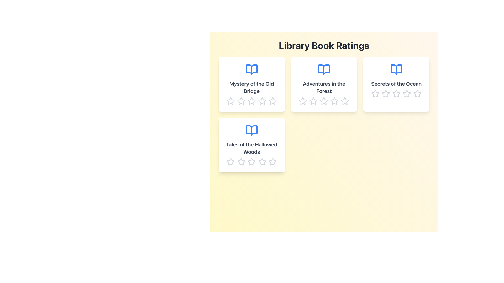  What do you see at coordinates (251, 161) in the screenshot?
I see `the third star icon in the rating system located at the bottom of the card titled 'Tales of the Hallowed Woods'` at bounding box center [251, 161].